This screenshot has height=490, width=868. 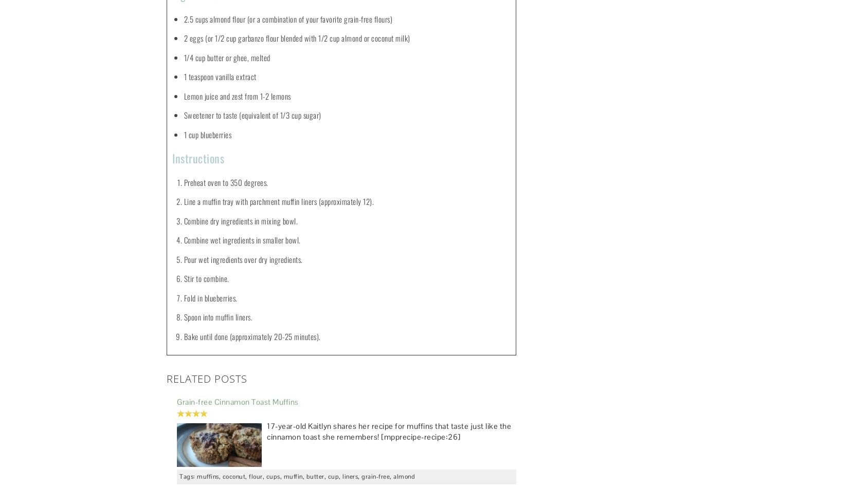 I want to click on 'Bake until done (approximately 20-25 minutes).', so click(x=251, y=335).